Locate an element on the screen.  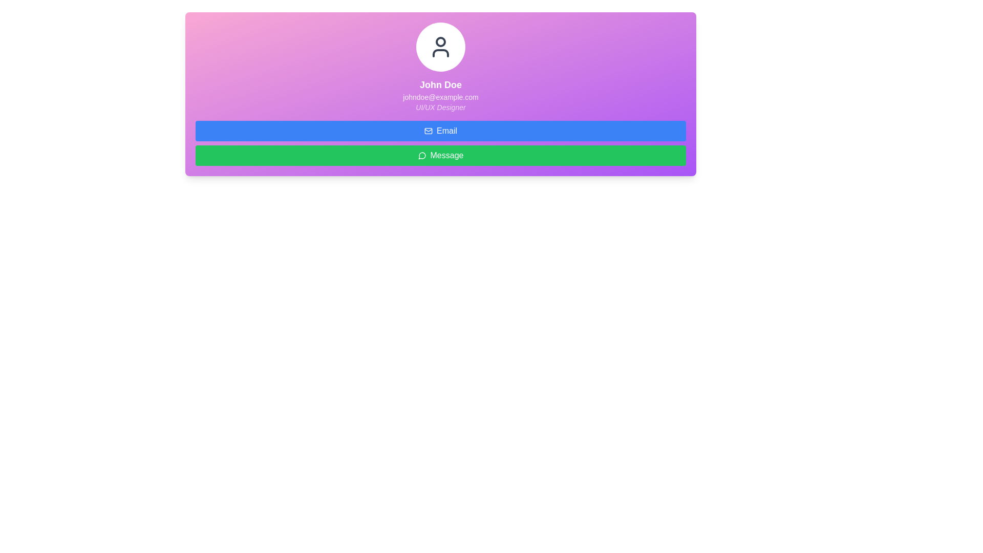
the messaging SVG icon located within the green 'Message' button at the bottom of the main card interface is located at coordinates (422, 156).